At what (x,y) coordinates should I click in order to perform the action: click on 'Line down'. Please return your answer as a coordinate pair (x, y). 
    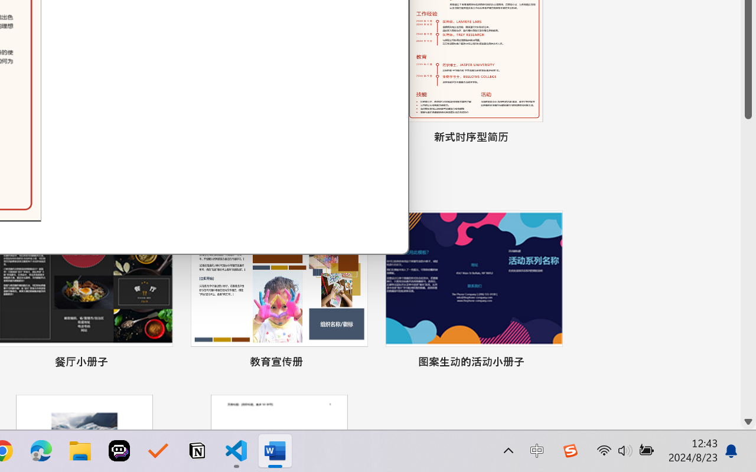
    Looking at the image, I should click on (748, 421).